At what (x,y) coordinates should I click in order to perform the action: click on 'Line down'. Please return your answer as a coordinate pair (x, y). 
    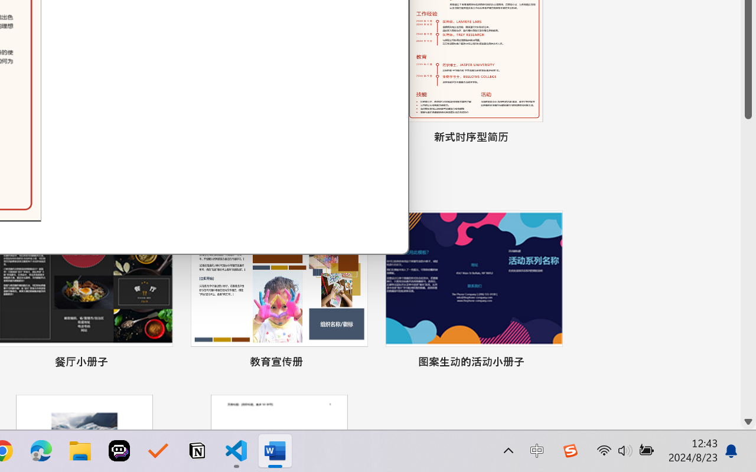
    Looking at the image, I should click on (748, 421).